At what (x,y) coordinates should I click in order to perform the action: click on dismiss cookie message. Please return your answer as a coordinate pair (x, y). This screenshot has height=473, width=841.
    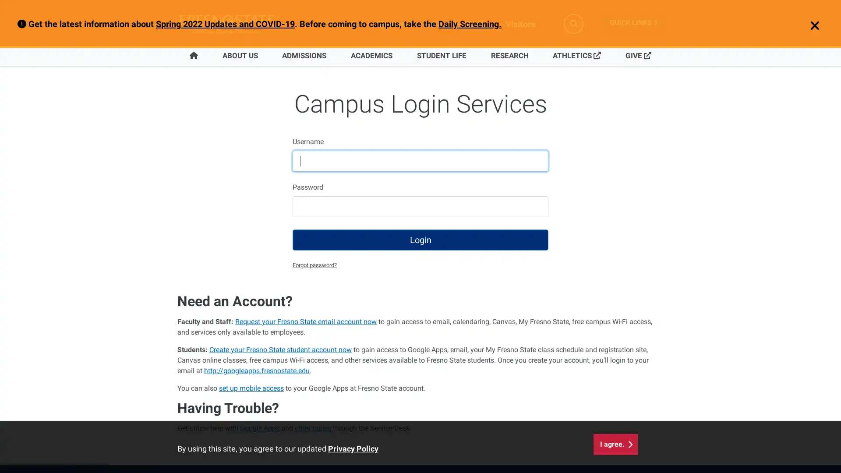
    Looking at the image, I should click on (615, 441).